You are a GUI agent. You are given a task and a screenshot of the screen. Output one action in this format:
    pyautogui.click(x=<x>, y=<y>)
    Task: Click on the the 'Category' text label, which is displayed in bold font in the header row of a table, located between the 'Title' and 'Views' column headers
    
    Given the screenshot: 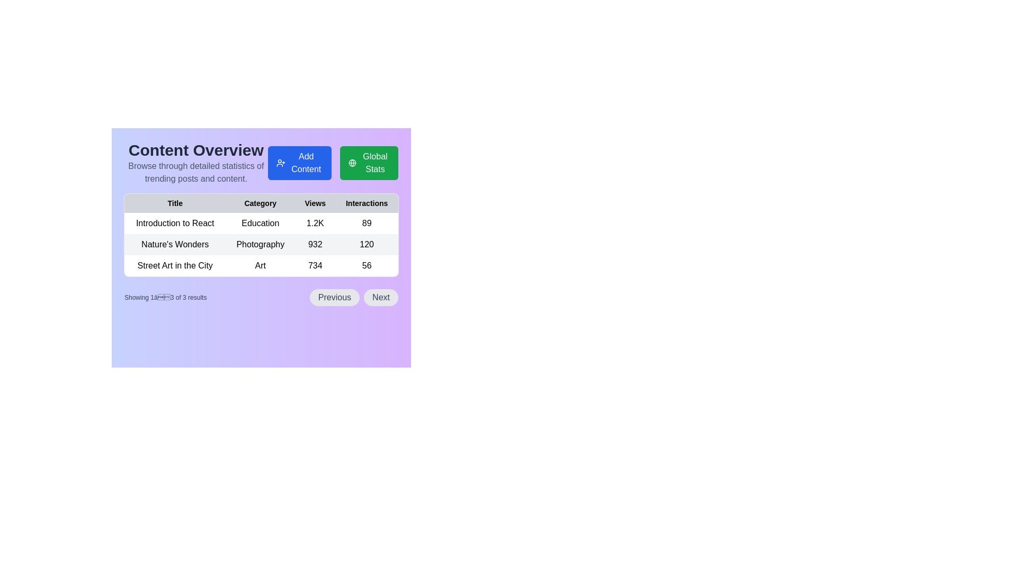 What is the action you would take?
    pyautogui.click(x=260, y=203)
    